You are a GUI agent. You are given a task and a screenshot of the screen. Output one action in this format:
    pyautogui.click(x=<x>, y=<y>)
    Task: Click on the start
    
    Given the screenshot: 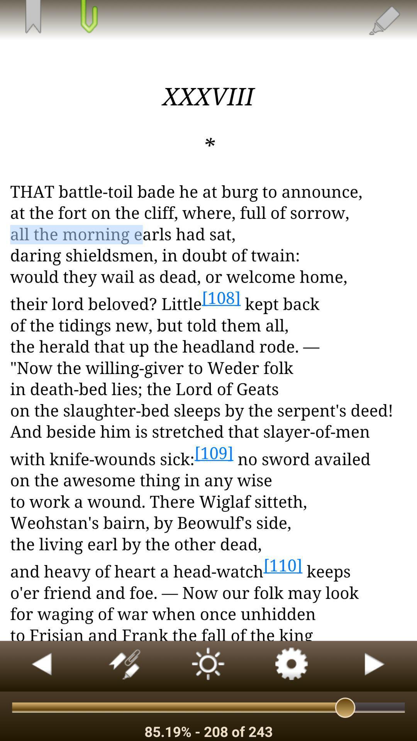 What is the action you would take?
    pyautogui.click(x=375, y=666)
    